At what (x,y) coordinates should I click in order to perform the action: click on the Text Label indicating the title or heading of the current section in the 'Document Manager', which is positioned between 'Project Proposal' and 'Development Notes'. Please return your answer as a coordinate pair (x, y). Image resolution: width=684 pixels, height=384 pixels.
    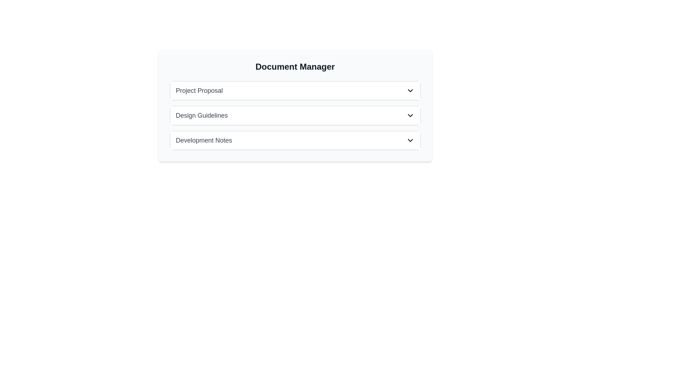
    Looking at the image, I should click on (201, 115).